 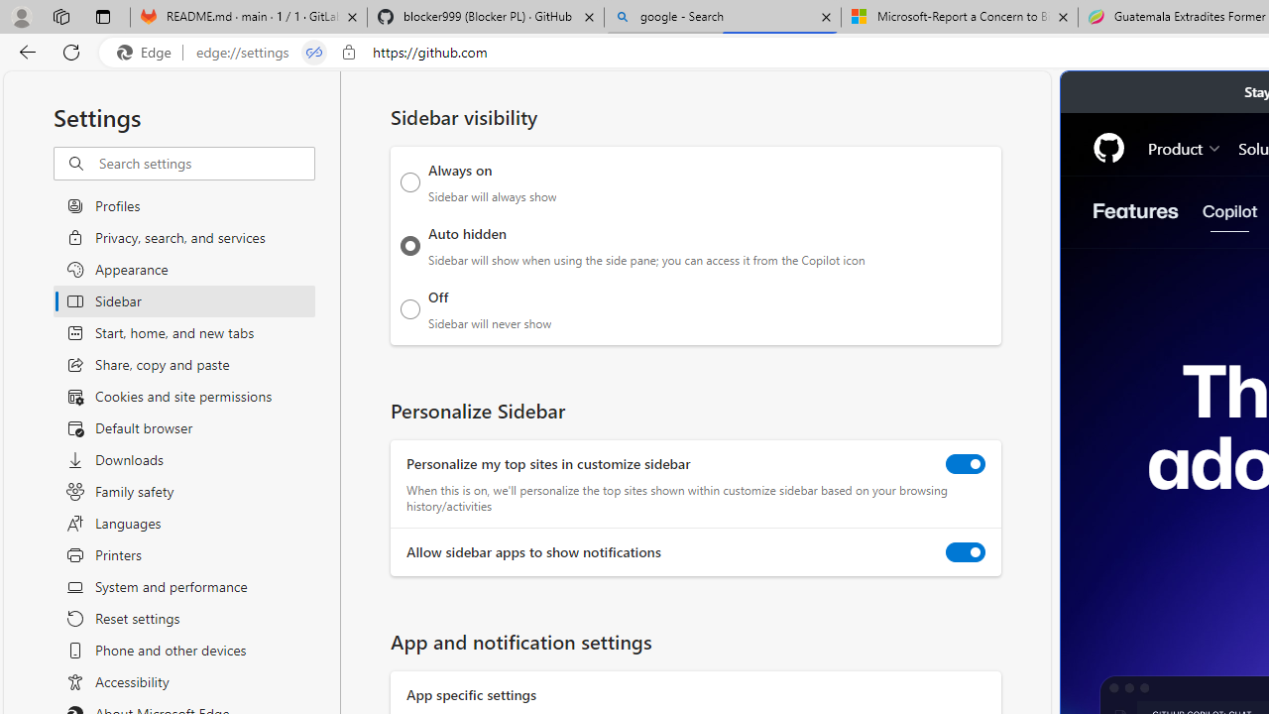 What do you see at coordinates (1135, 211) in the screenshot?
I see `'Features'` at bounding box center [1135, 211].